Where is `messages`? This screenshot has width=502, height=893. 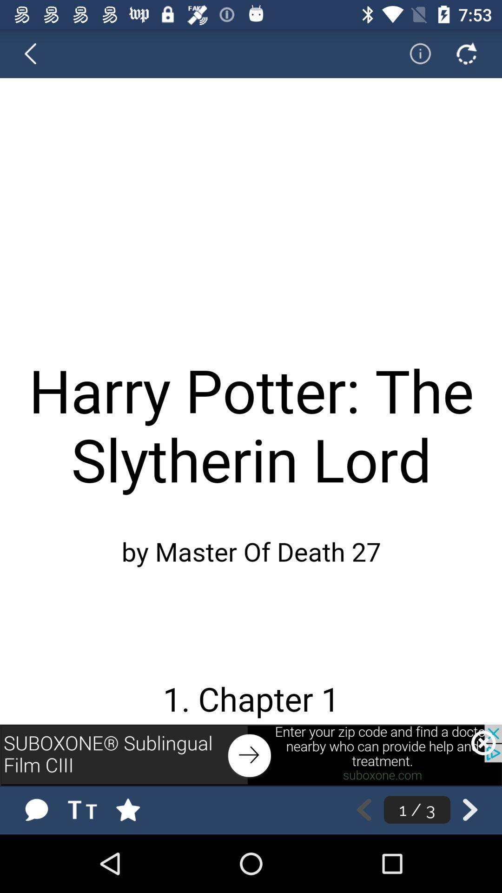
messages is located at coordinates (36, 809).